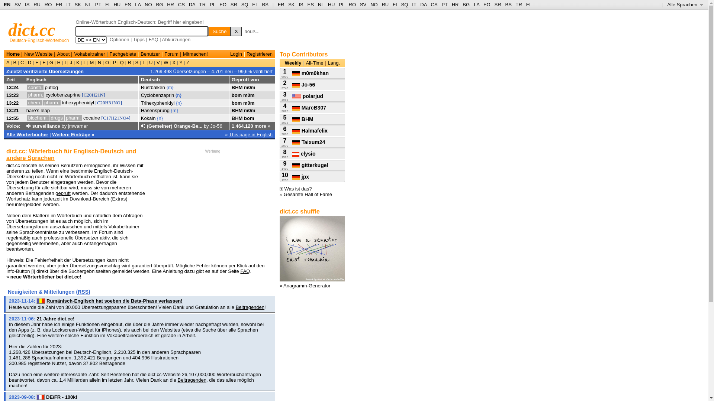 The width and height of the screenshot is (714, 401). I want to click on 'surveillance', so click(32, 125).